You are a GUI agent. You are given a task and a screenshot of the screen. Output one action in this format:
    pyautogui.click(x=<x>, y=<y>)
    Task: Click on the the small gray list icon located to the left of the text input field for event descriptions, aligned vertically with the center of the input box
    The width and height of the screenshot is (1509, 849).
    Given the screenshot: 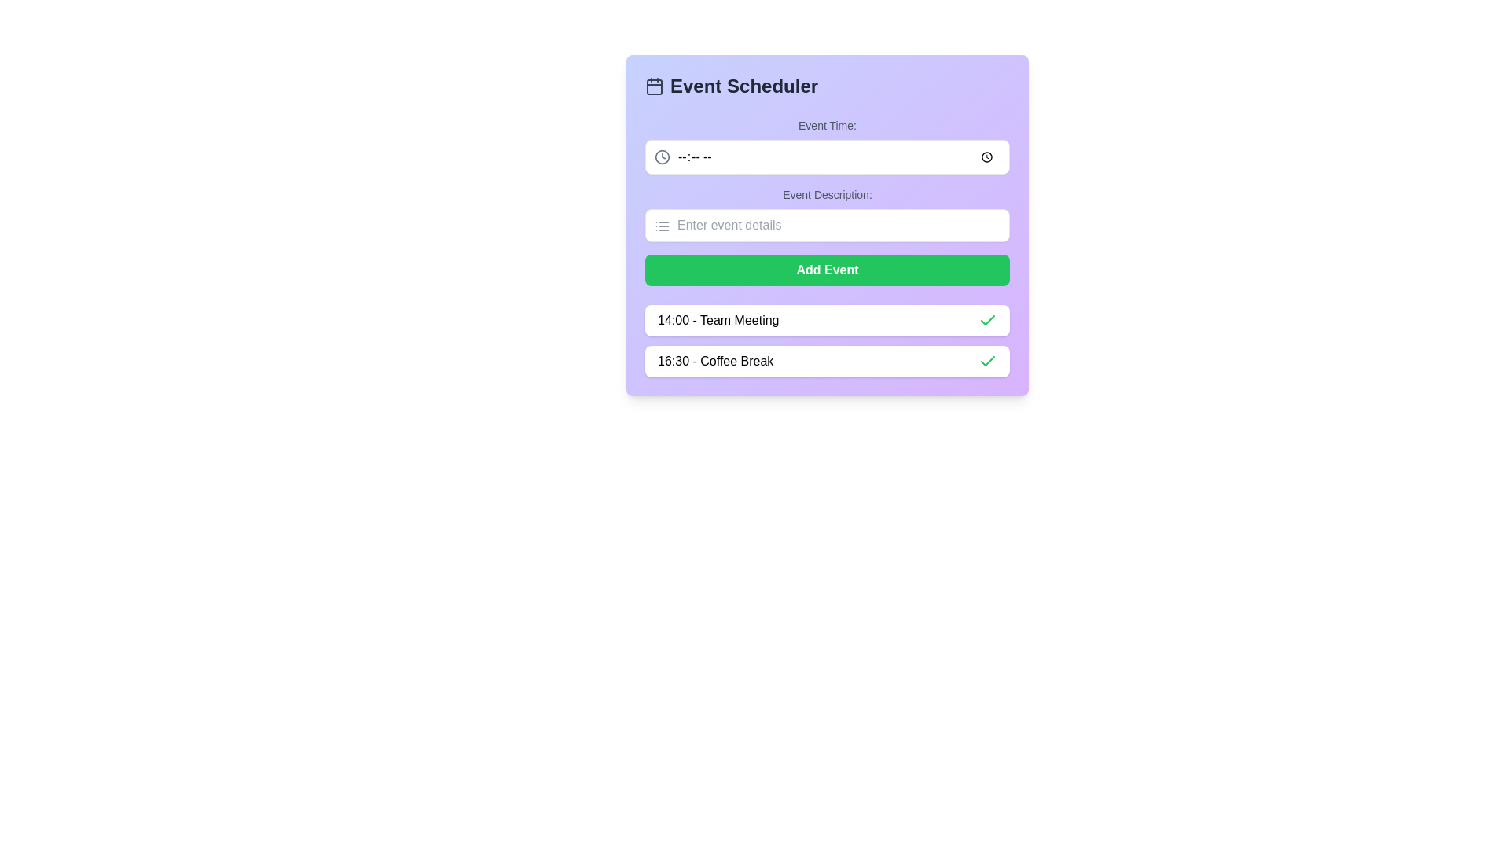 What is the action you would take?
    pyautogui.click(x=663, y=226)
    